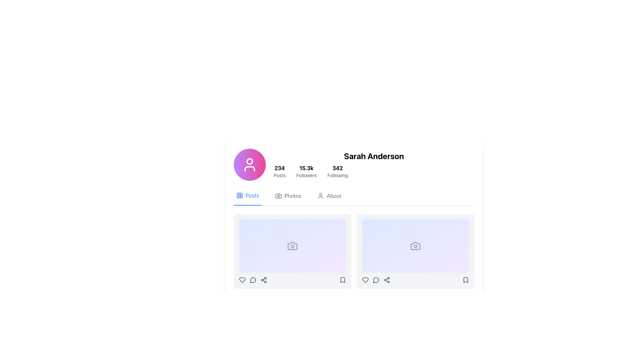  Describe the element at coordinates (280, 167) in the screenshot. I see `numerical count of posts displayed in the text label located above the 'Posts' label on the user's profile` at that location.